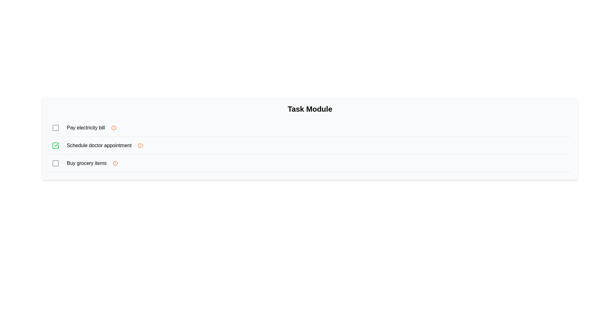 This screenshot has width=597, height=336. Describe the element at coordinates (55, 163) in the screenshot. I see `the checkbox representing the task 'Buy grocery items'` at that location.